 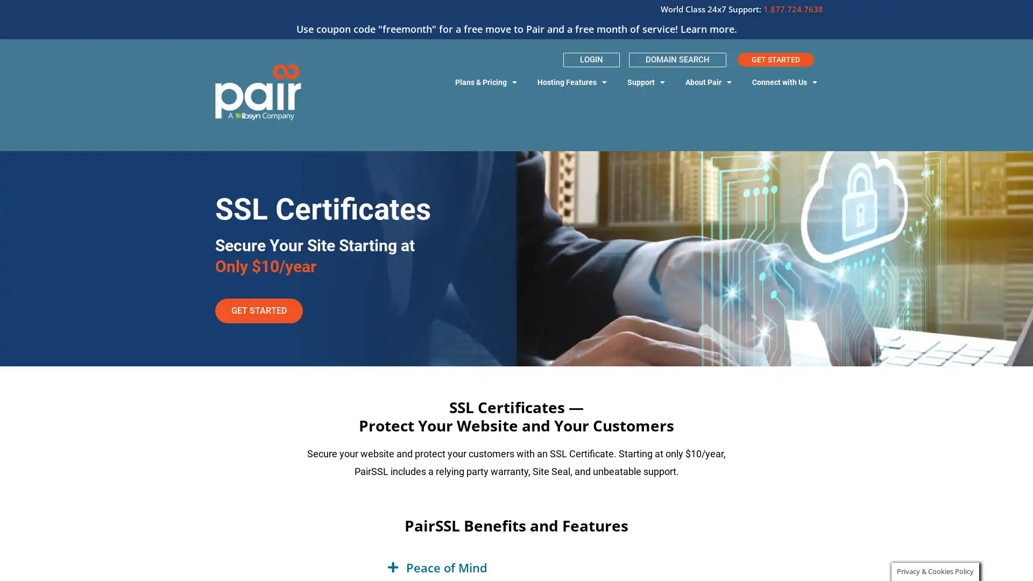 What do you see at coordinates (591, 60) in the screenshot?
I see `LOGIN` at bounding box center [591, 60].